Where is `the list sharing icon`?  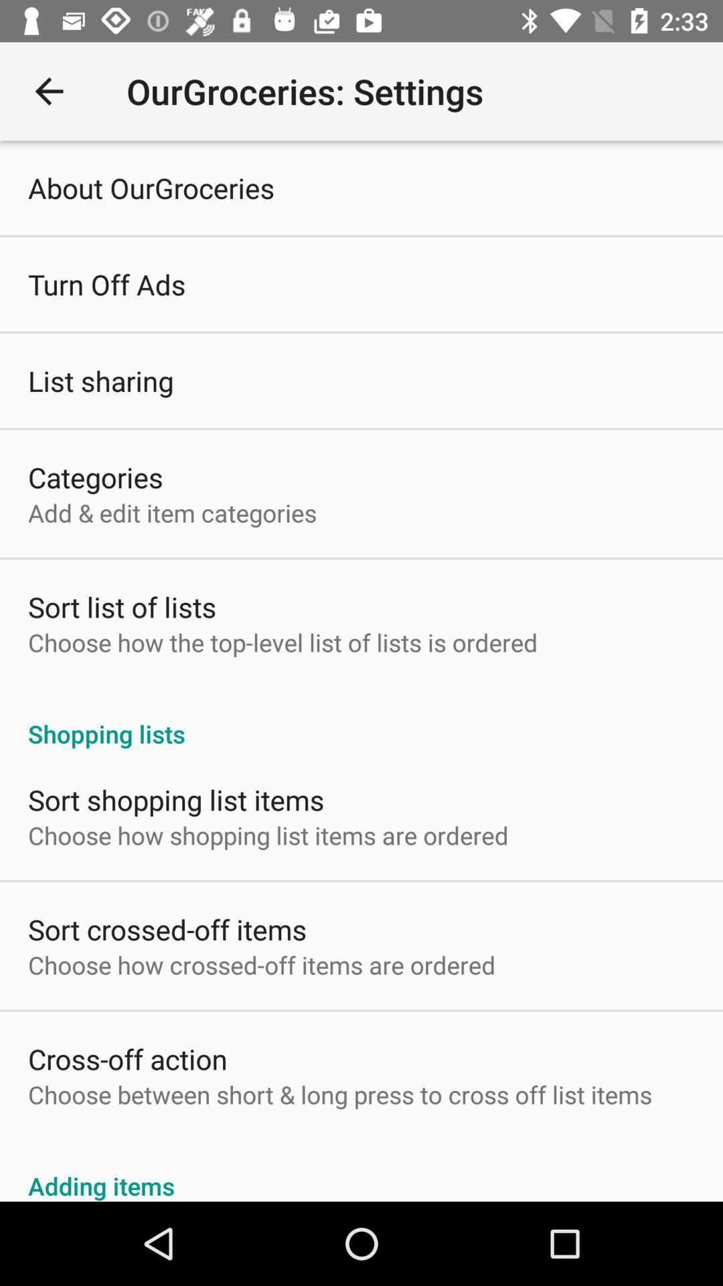
the list sharing icon is located at coordinates (100, 380).